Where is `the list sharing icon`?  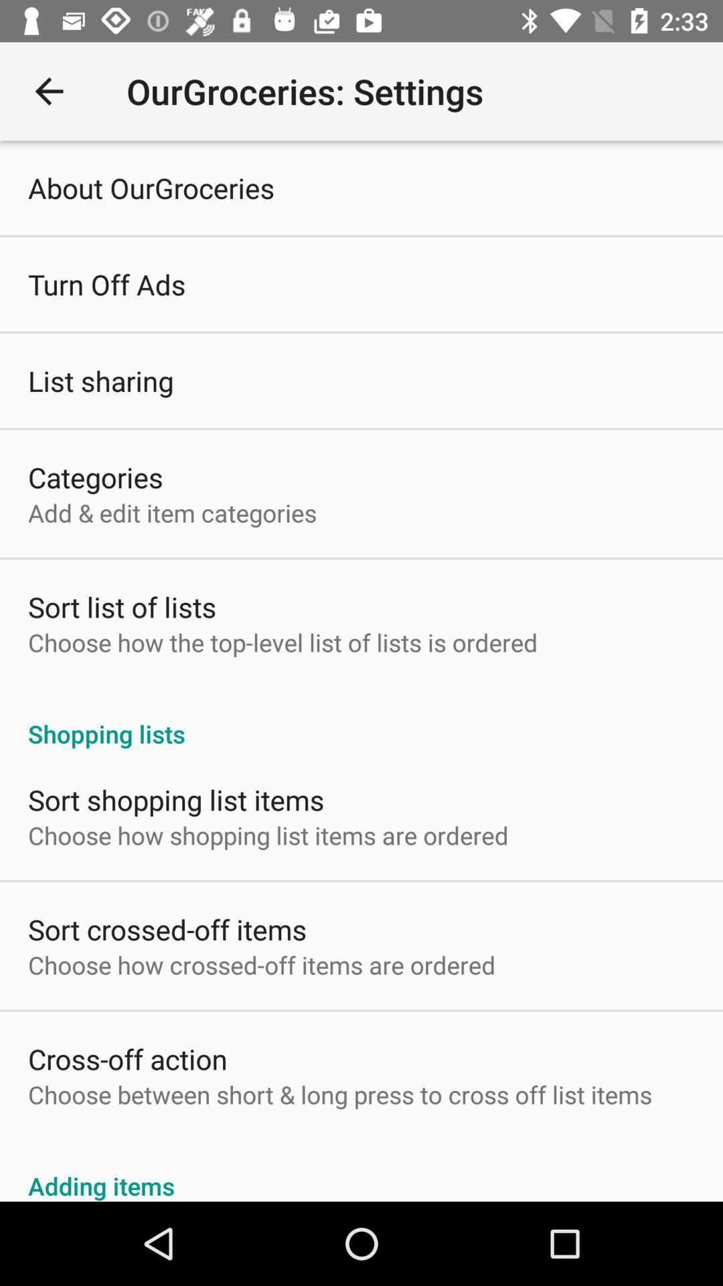
the list sharing icon is located at coordinates (100, 380).